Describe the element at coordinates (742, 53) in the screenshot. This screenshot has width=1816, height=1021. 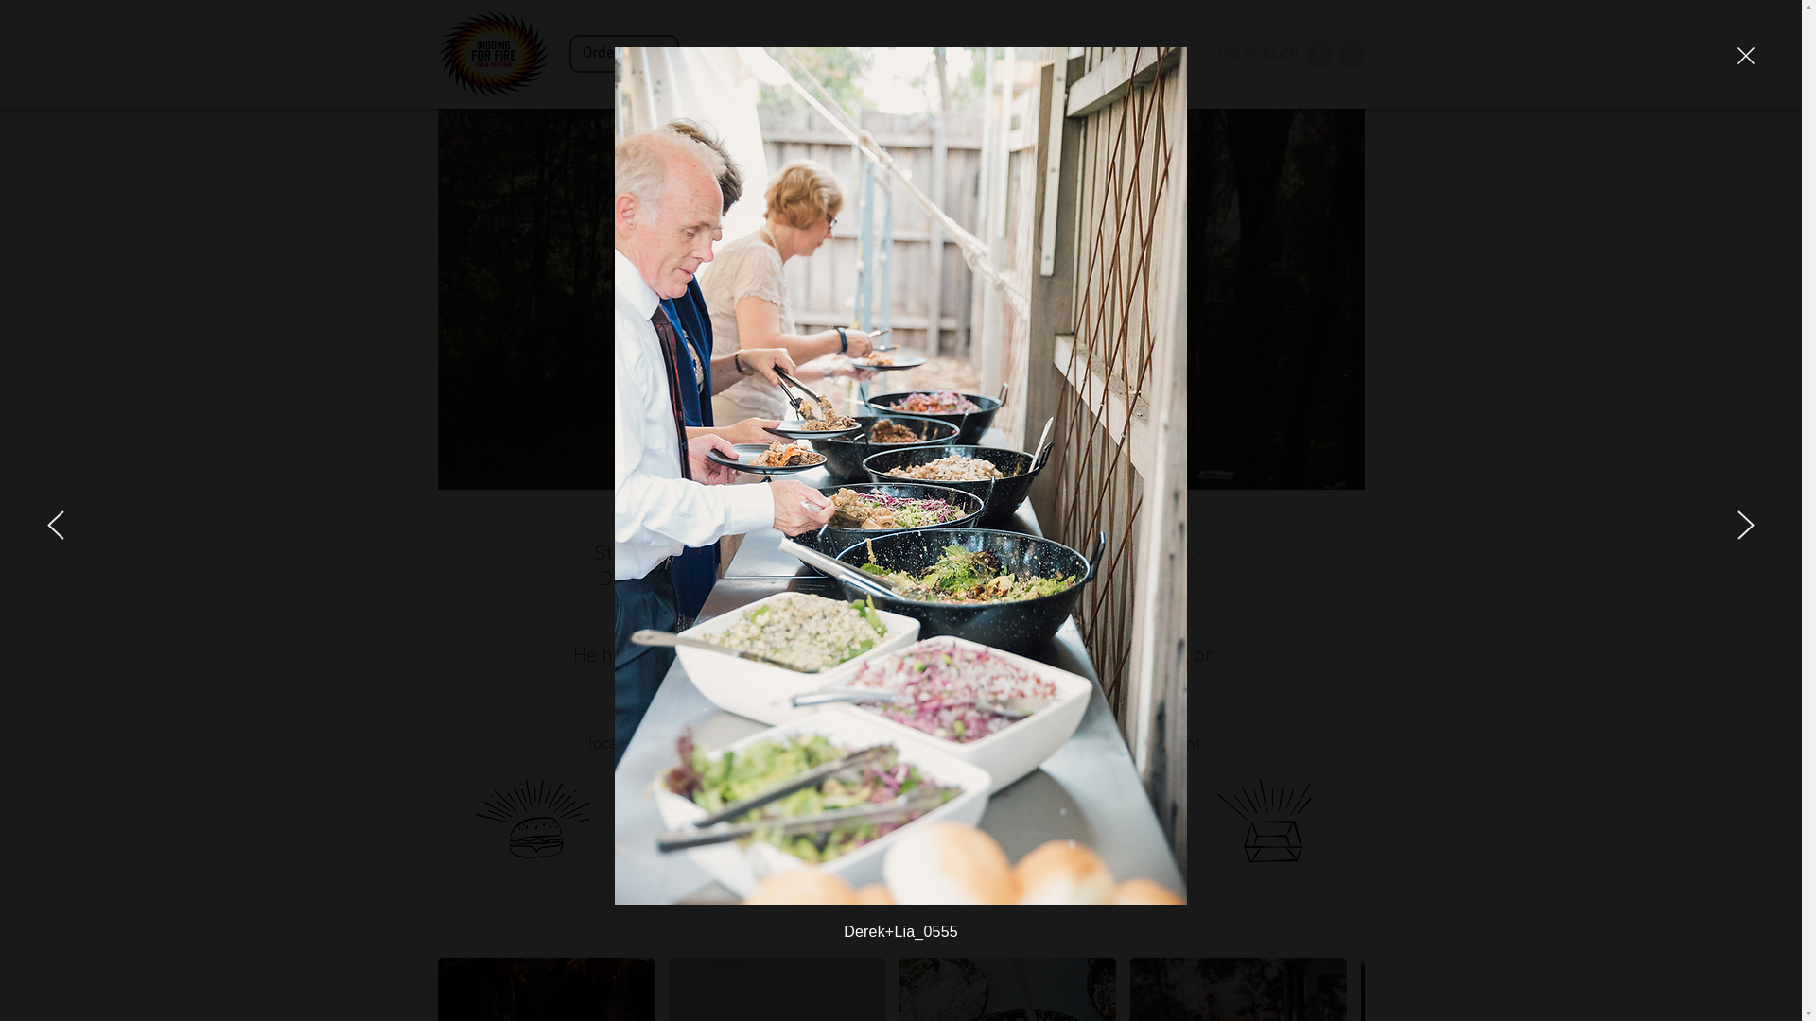
I see `'About Us'` at that location.